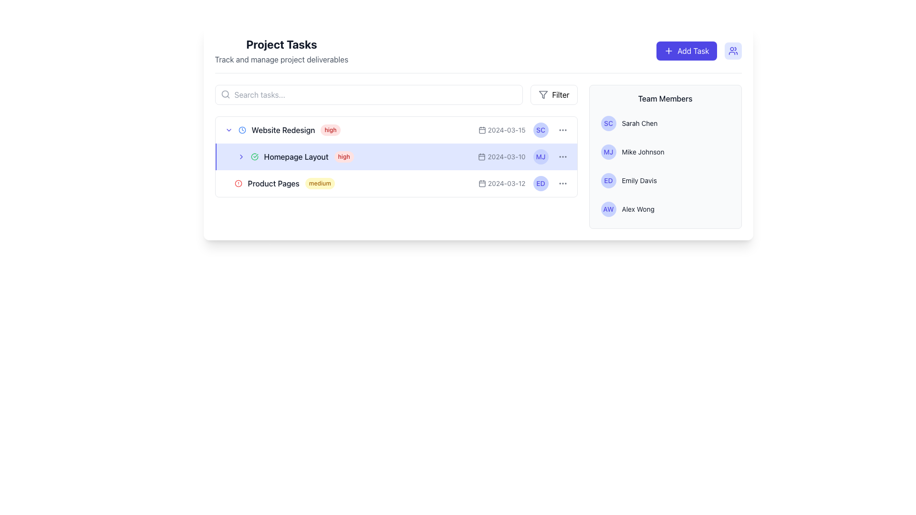 The height and width of the screenshot is (515, 916). What do you see at coordinates (320, 184) in the screenshot?
I see `text of the status indicator badge located to the right of the 'Product Pages' label, which conveys priority or type classification` at bounding box center [320, 184].